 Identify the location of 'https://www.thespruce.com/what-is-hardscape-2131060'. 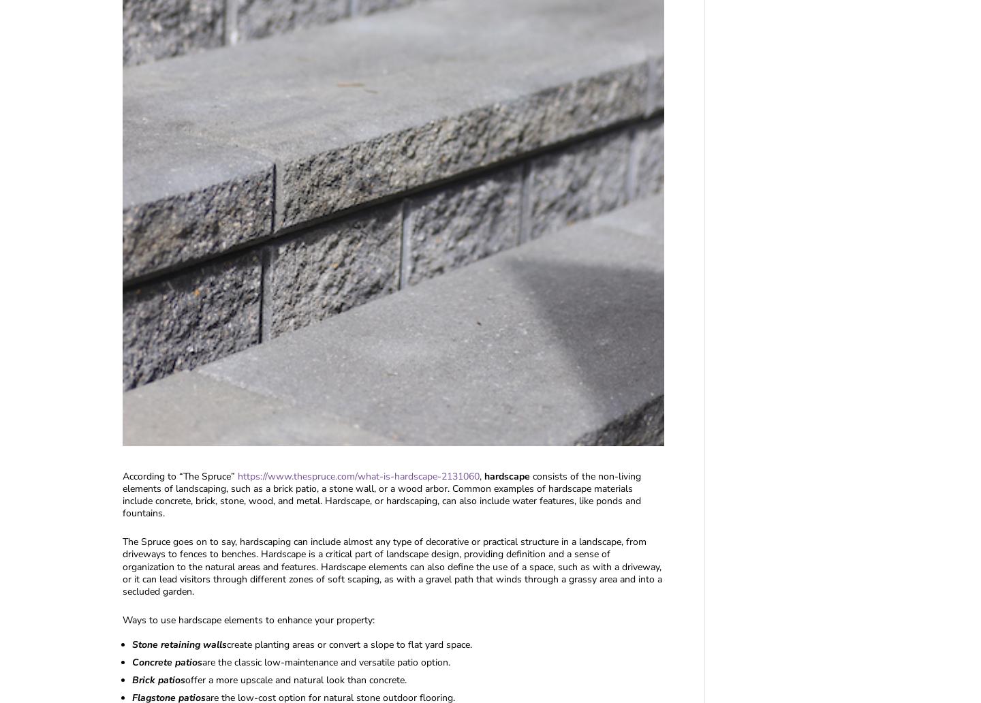
(238, 475).